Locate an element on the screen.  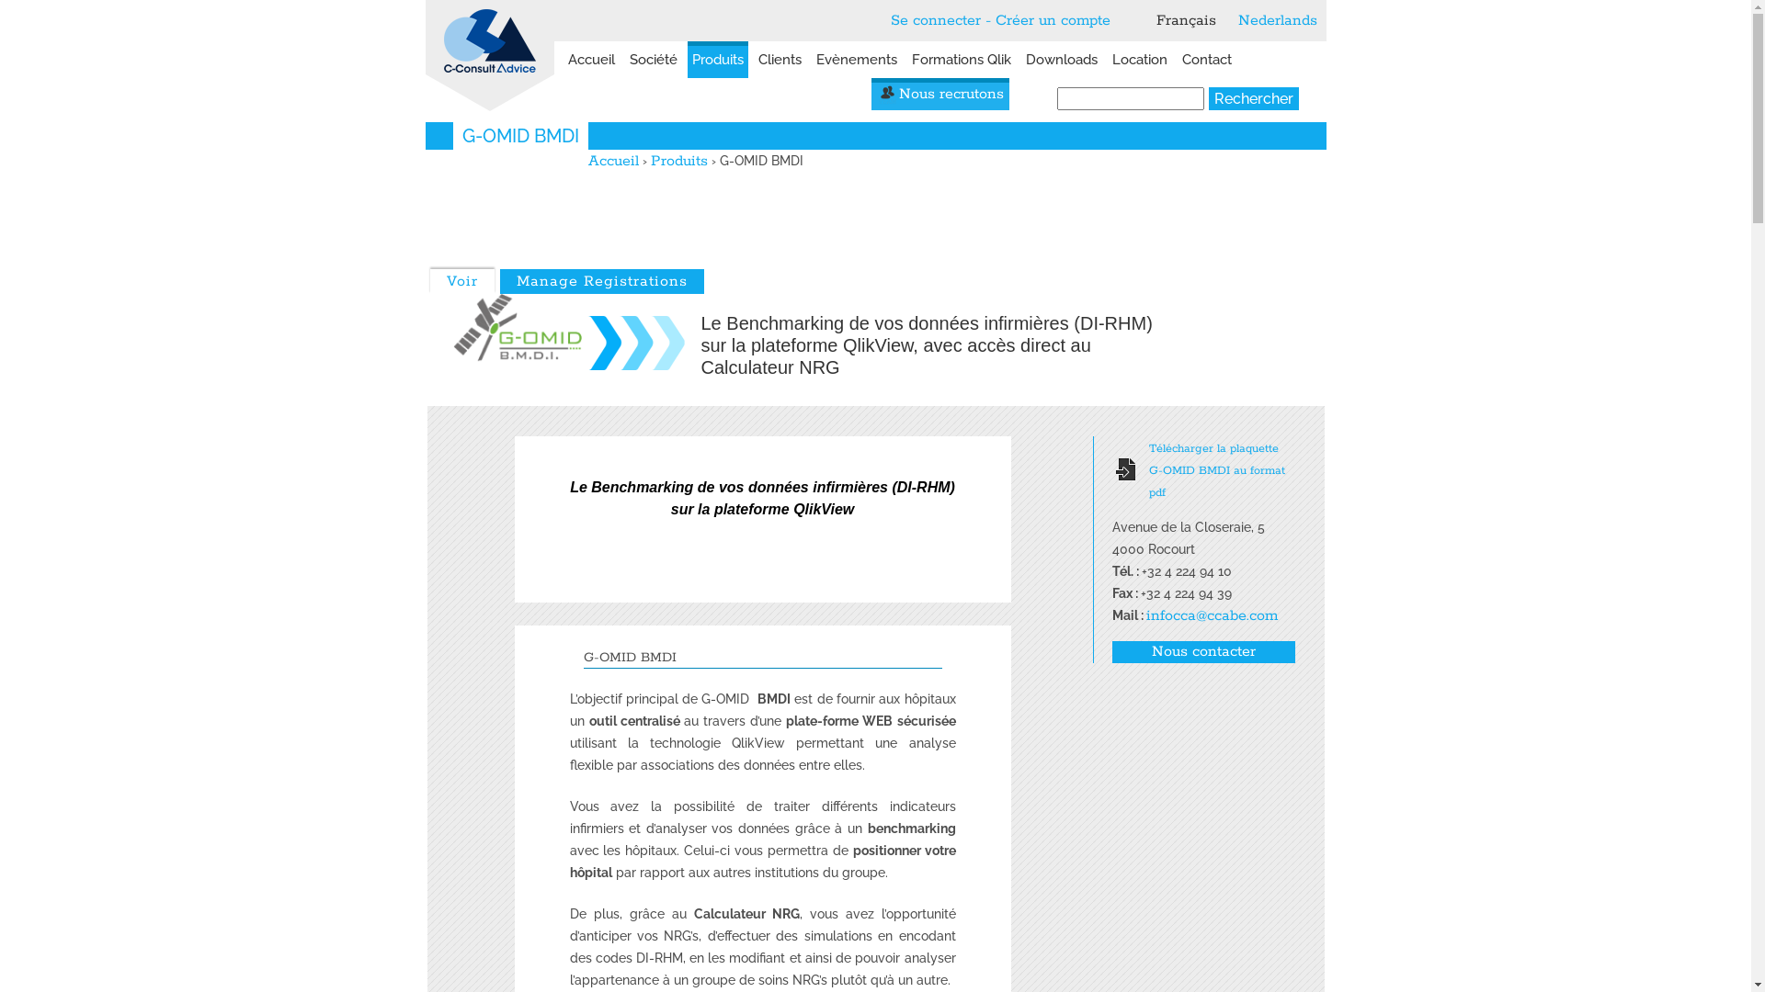
'Nederlands' is located at coordinates (1236, 20).